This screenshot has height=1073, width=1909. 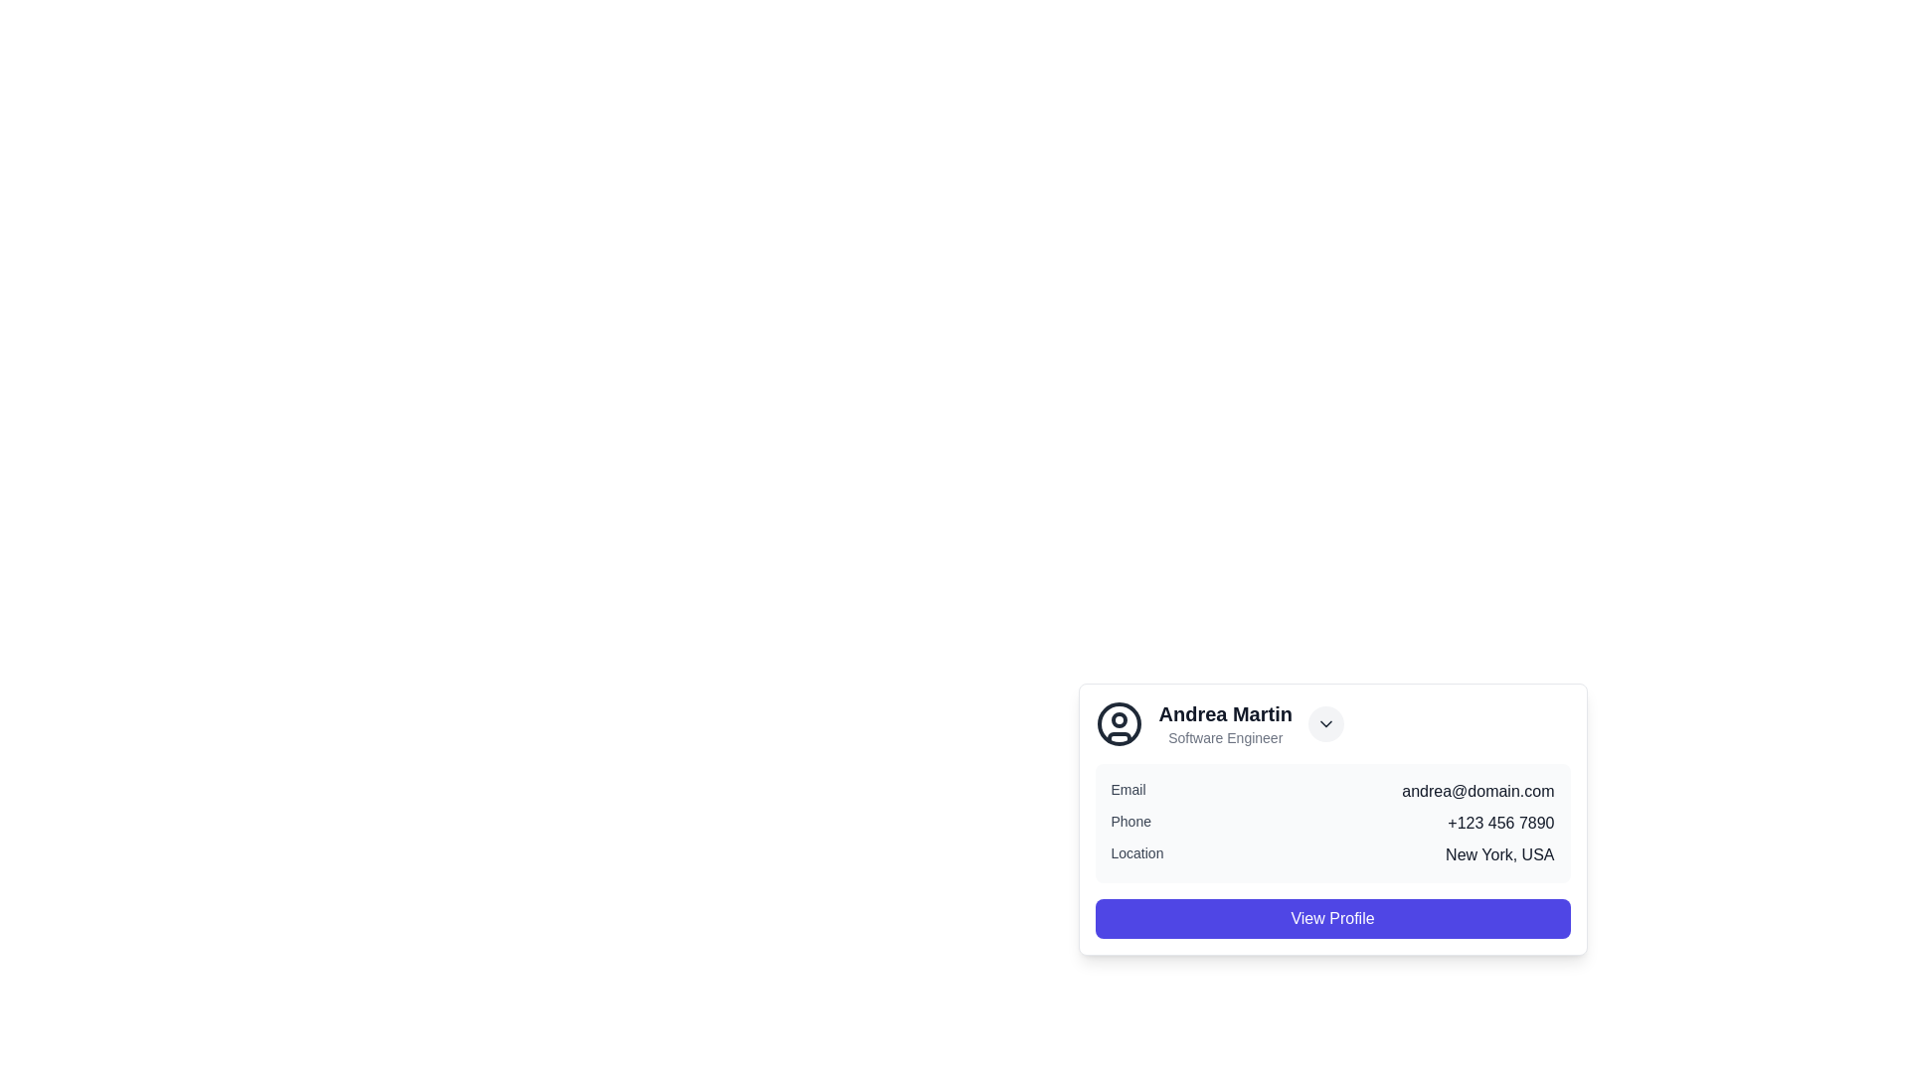 What do you see at coordinates (1500, 824) in the screenshot?
I see `the phone number label displaying 'Phone+123 456 7890', styled in bold black font against a white background, located in the bottom-right section of the contact information card` at bounding box center [1500, 824].